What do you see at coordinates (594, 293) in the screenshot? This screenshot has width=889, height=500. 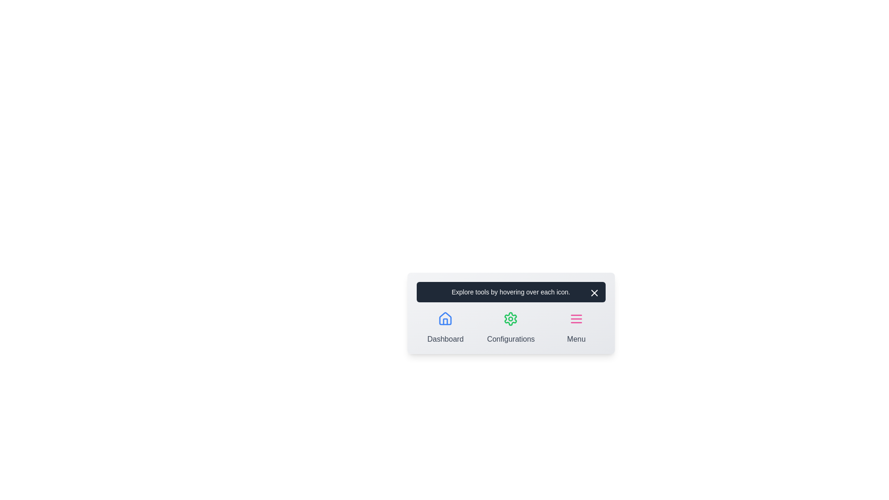 I see `the 'X' icon in the upper-right corner of the tooltip box to change its color to a lighter gray` at bounding box center [594, 293].